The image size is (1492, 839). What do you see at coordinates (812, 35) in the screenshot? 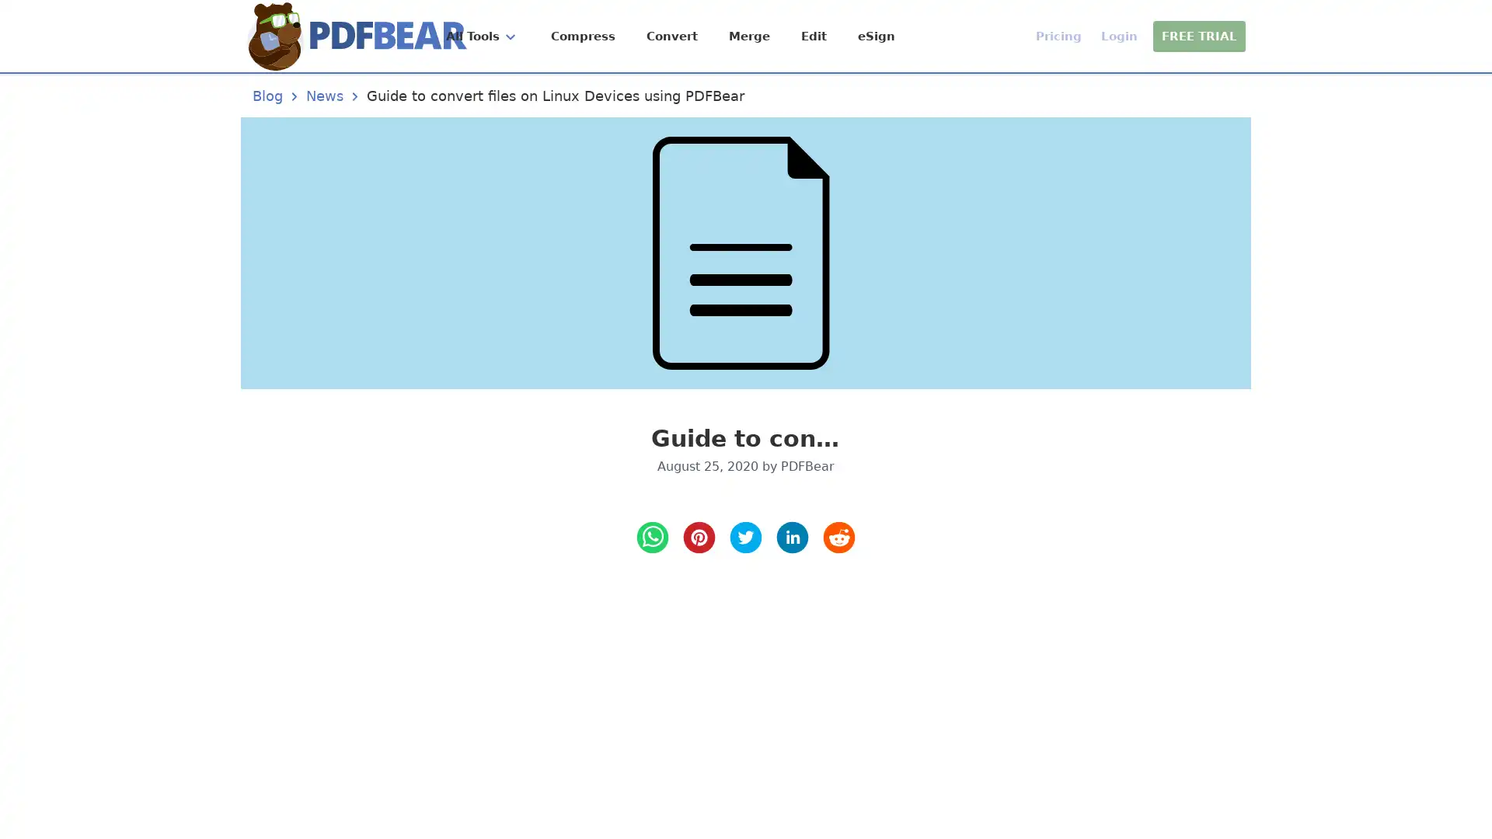
I see `Edit` at bounding box center [812, 35].